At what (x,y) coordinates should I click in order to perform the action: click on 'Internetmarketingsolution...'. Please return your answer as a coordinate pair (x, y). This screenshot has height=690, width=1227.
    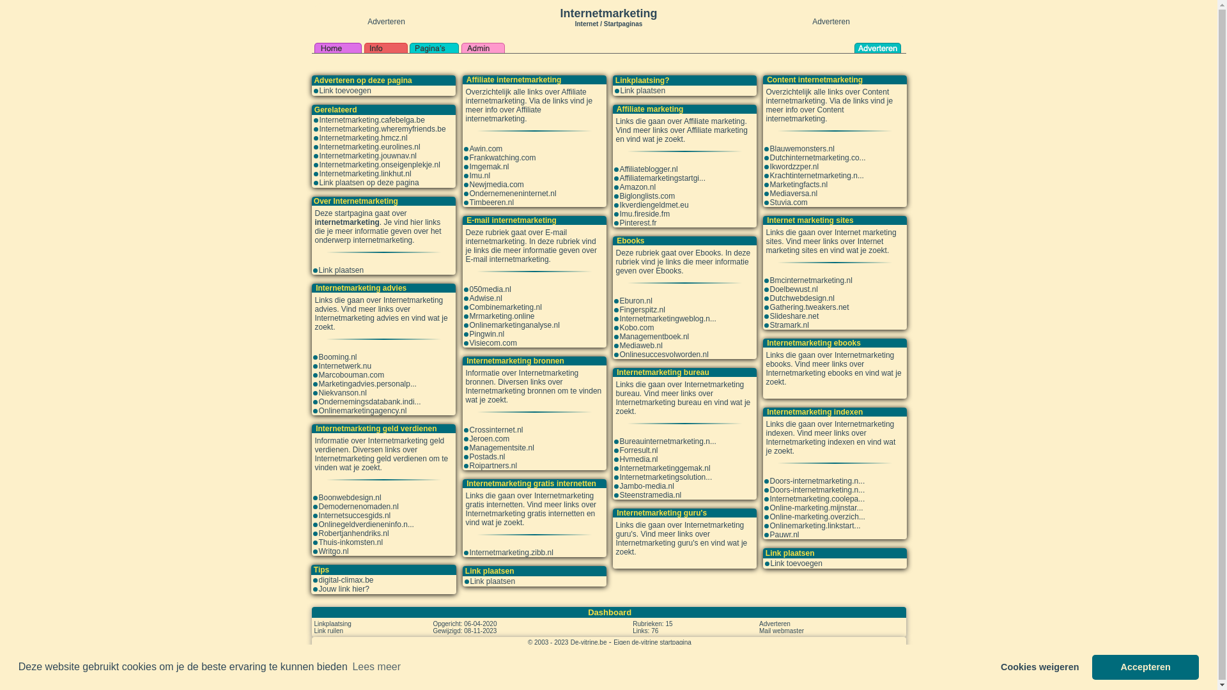
    Looking at the image, I should click on (665, 477).